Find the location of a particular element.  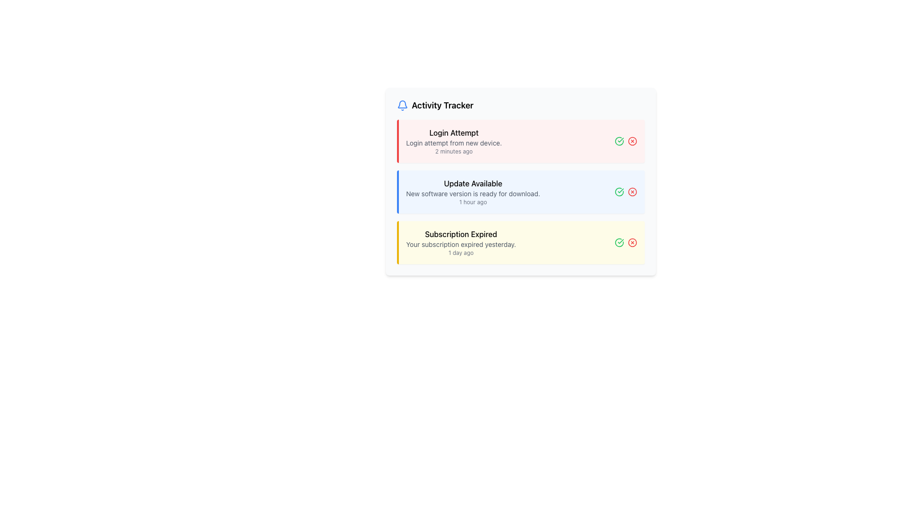

the clickable icon at the rightmost end of the horizontal row in the 'Subscription Expired' notification card is located at coordinates (632, 242).